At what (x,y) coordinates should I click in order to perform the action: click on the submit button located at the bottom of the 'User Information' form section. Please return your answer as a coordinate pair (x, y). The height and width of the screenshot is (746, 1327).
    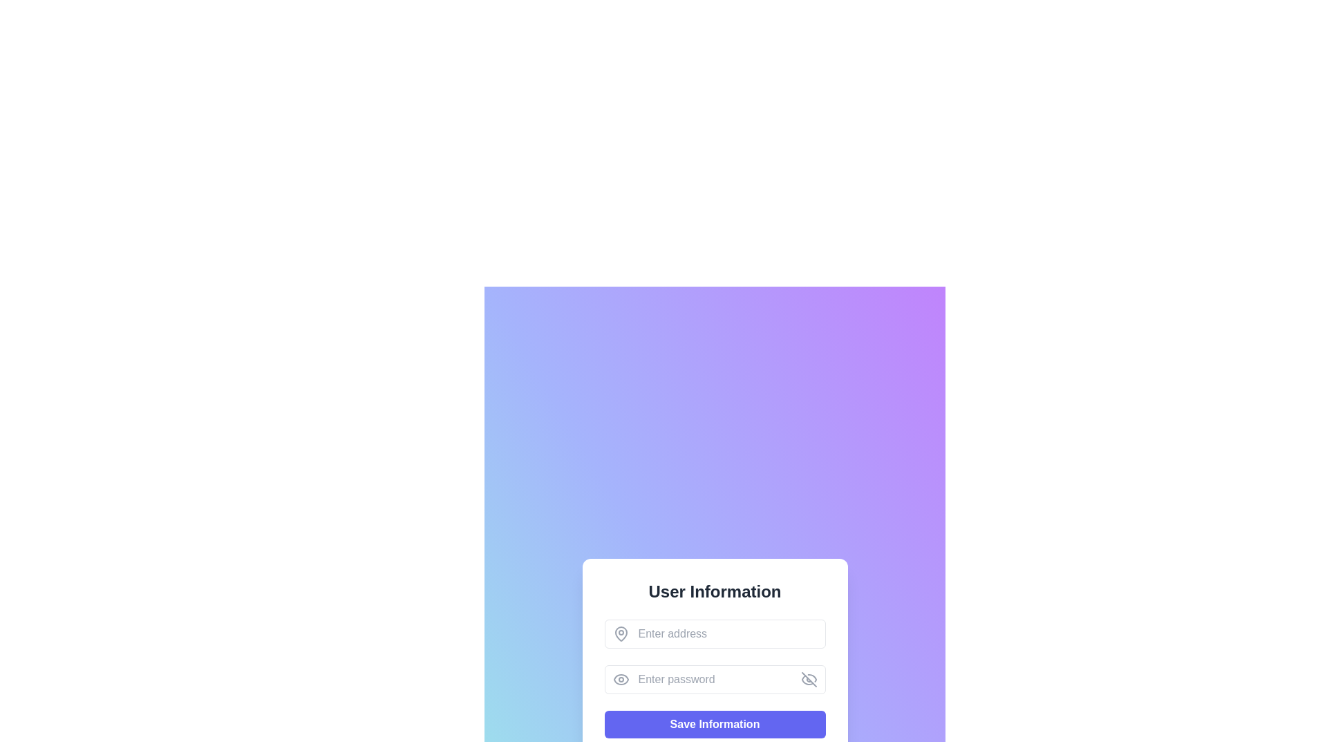
    Looking at the image, I should click on (715, 724).